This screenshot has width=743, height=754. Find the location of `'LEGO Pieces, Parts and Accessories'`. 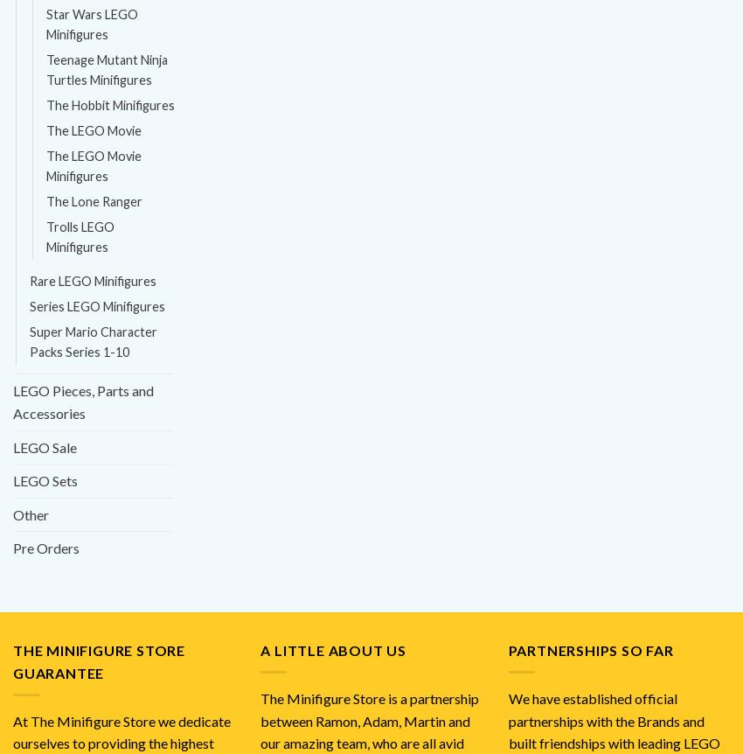

'LEGO Pieces, Parts and Accessories' is located at coordinates (82, 401).